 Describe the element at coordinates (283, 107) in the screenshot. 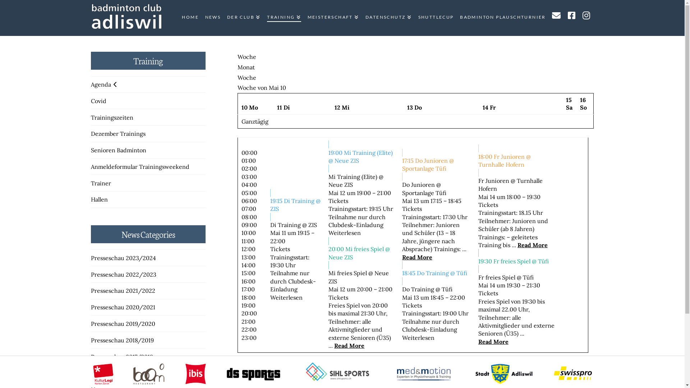

I see `'11 Di'` at that location.